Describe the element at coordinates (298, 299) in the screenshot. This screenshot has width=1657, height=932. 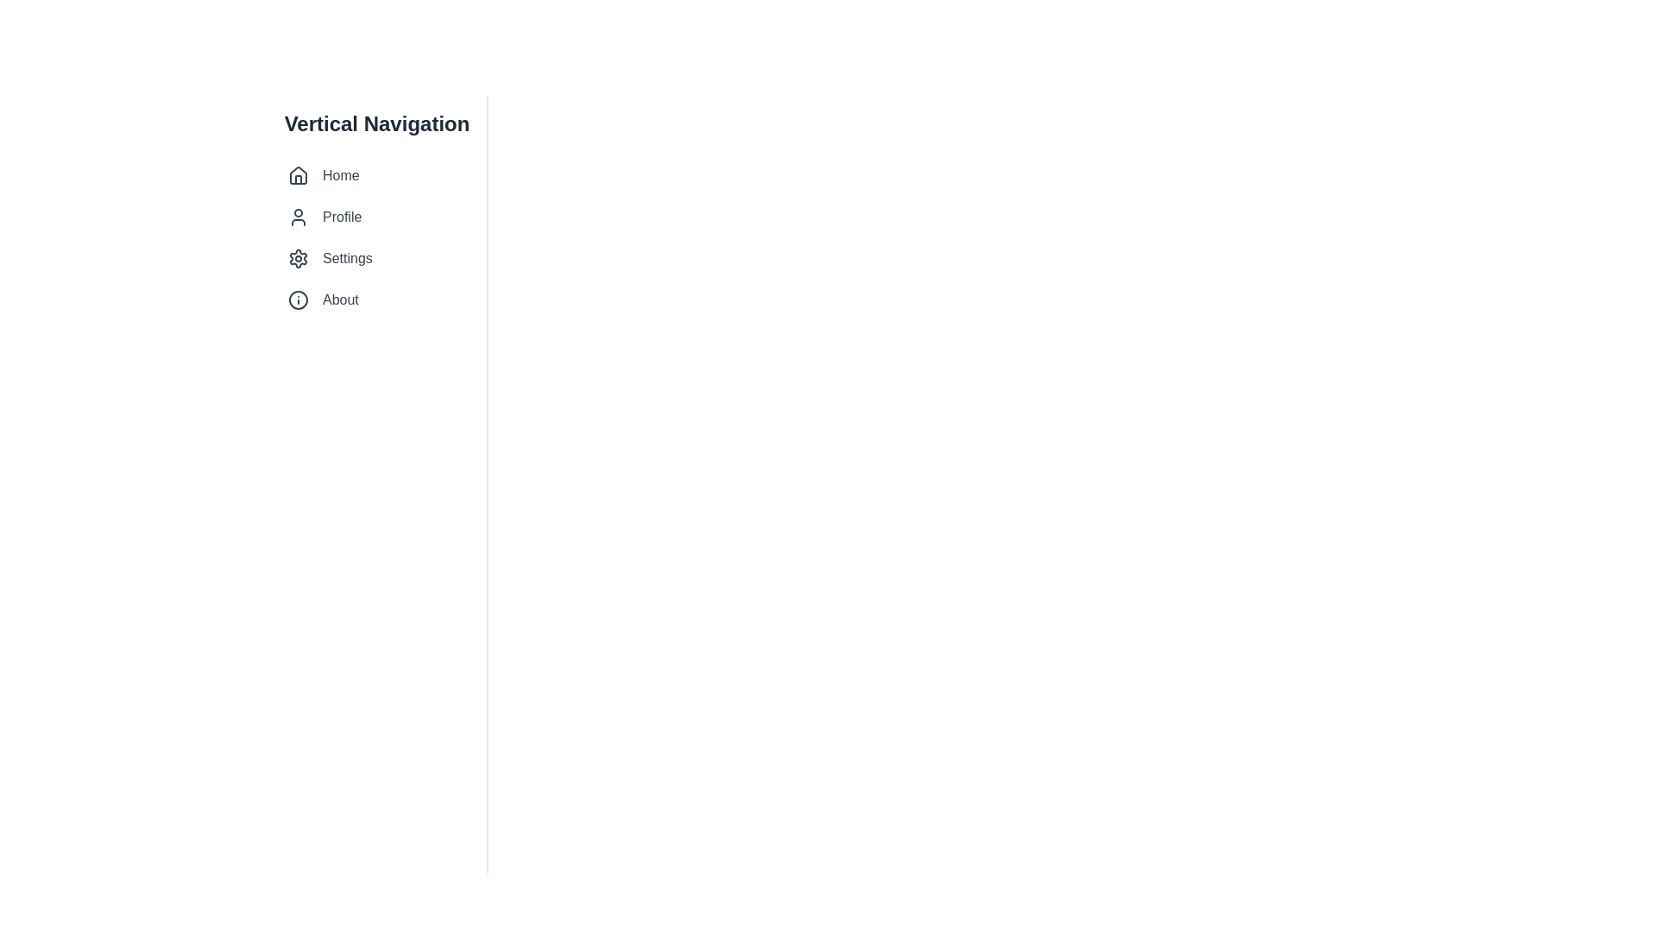
I see `the 'About' navigation icon, which is positioned to the left of the text 'About' in the vertical navigation bar` at that location.